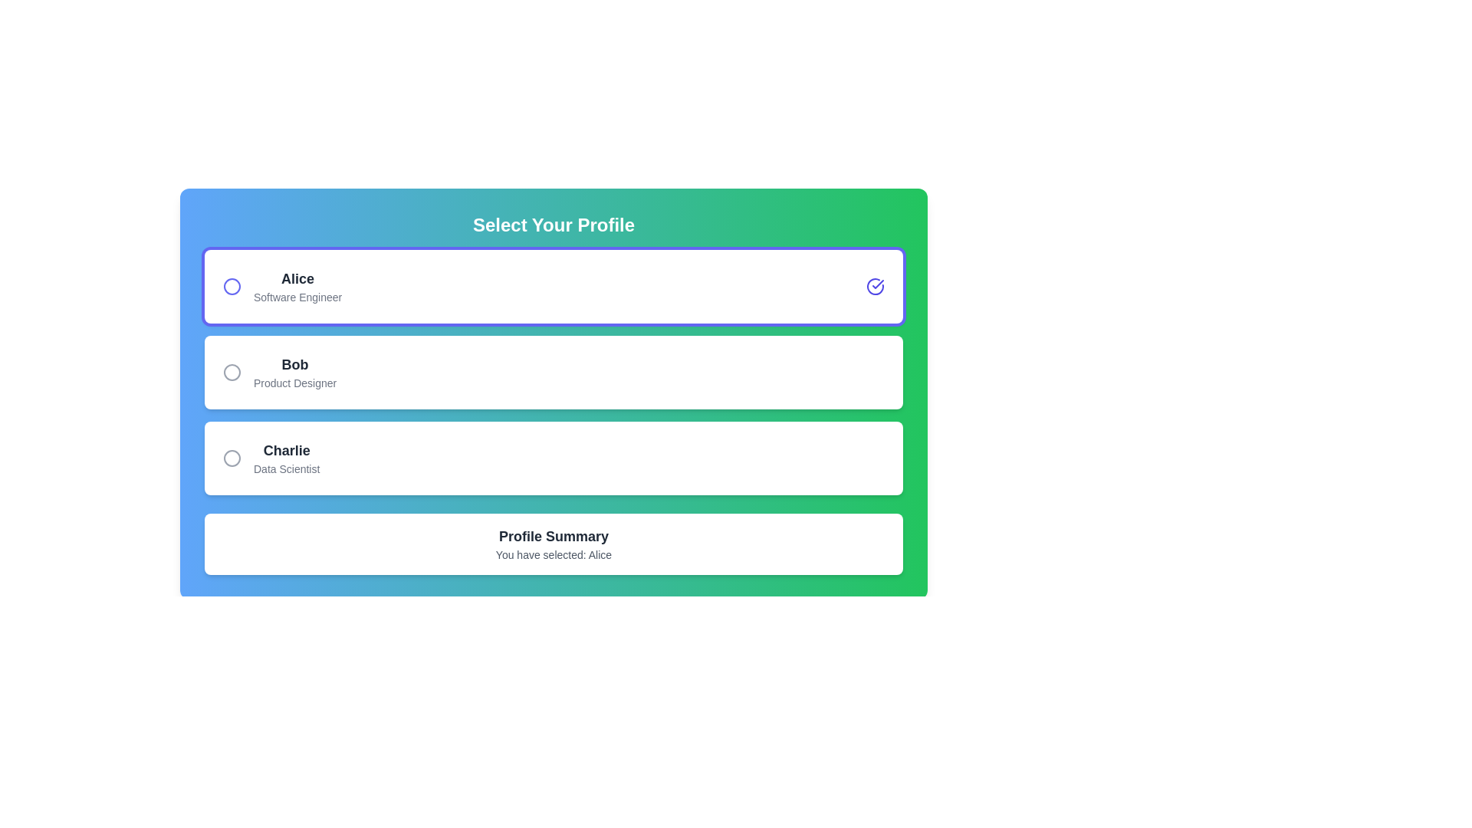 The image size is (1472, 828). What do you see at coordinates (876, 287) in the screenshot?
I see `the circular checkmark icon with a blue outline located at the top-right of Alice's profile card to trigger visual highlights` at bounding box center [876, 287].